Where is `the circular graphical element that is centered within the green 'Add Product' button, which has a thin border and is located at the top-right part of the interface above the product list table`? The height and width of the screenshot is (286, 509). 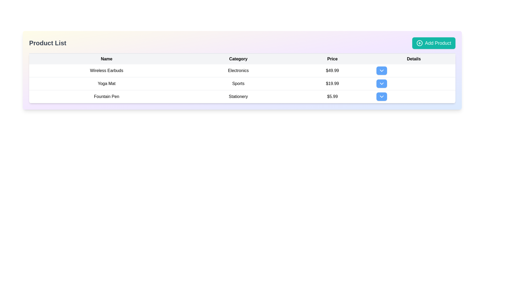
the circular graphical element that is centered within the green 'Add Product' button, which has a thin border and is located at the top-right part of the interface above the product list table is located at coordinates (419, 43).